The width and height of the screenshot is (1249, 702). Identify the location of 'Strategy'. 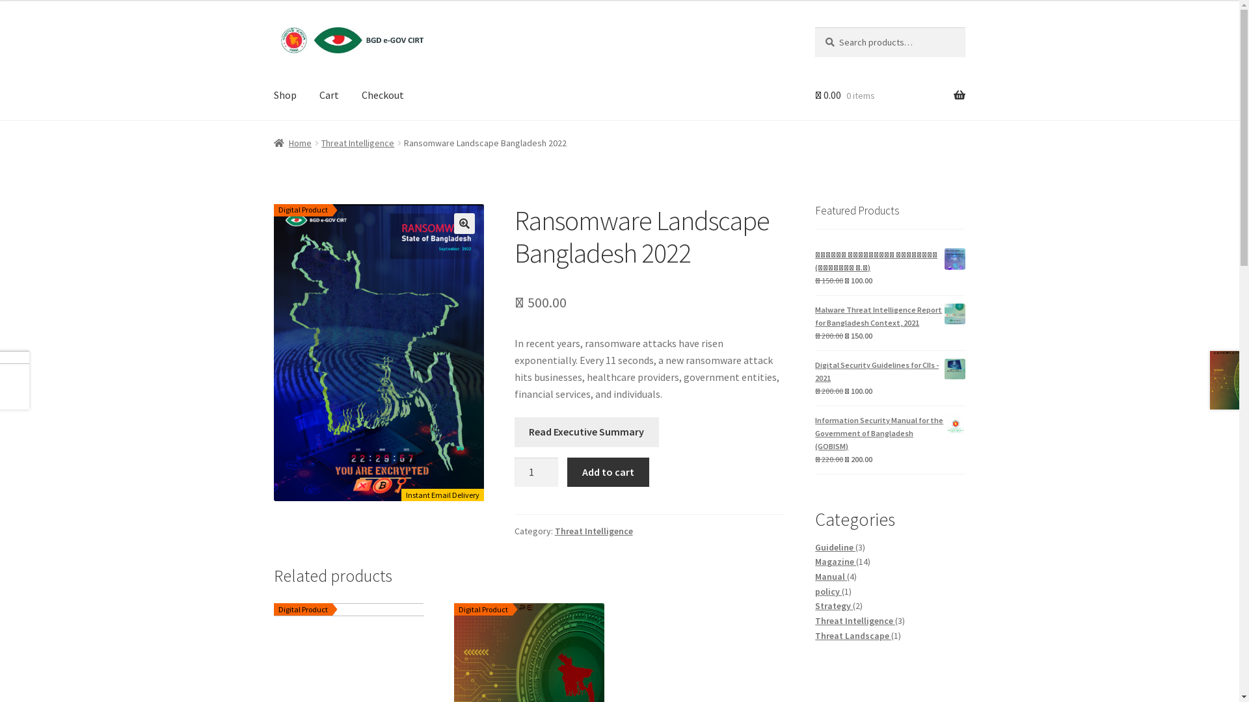
(814, 606).